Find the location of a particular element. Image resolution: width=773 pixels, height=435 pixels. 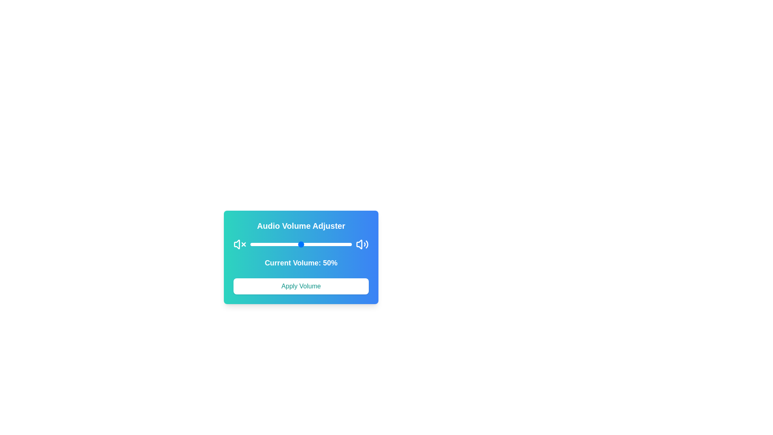

the unmute icon to the right of the slider is located at coordinates (362, 244).